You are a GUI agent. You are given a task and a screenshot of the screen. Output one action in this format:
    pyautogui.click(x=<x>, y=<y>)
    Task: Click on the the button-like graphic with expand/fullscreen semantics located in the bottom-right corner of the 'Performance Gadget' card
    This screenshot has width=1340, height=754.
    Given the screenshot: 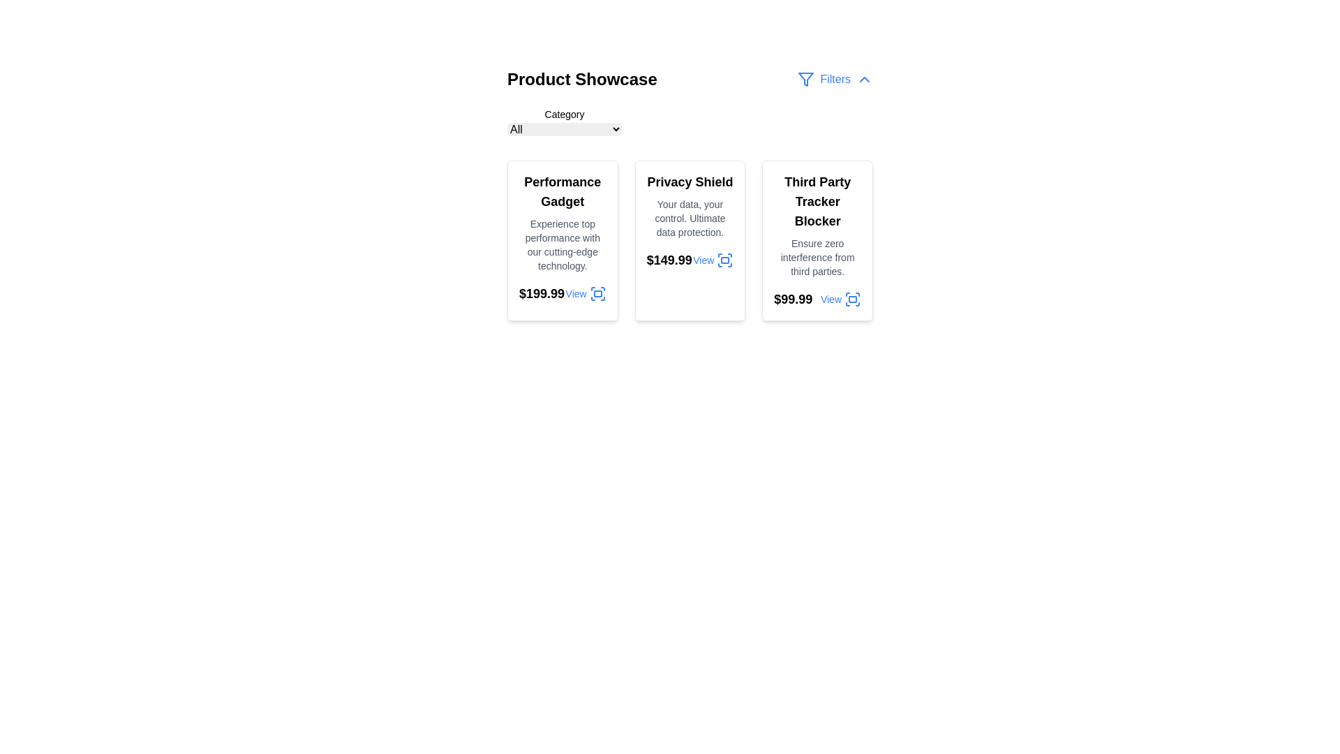 What is the action you would take?
    pyautogui.click(x=597, y=293)
    